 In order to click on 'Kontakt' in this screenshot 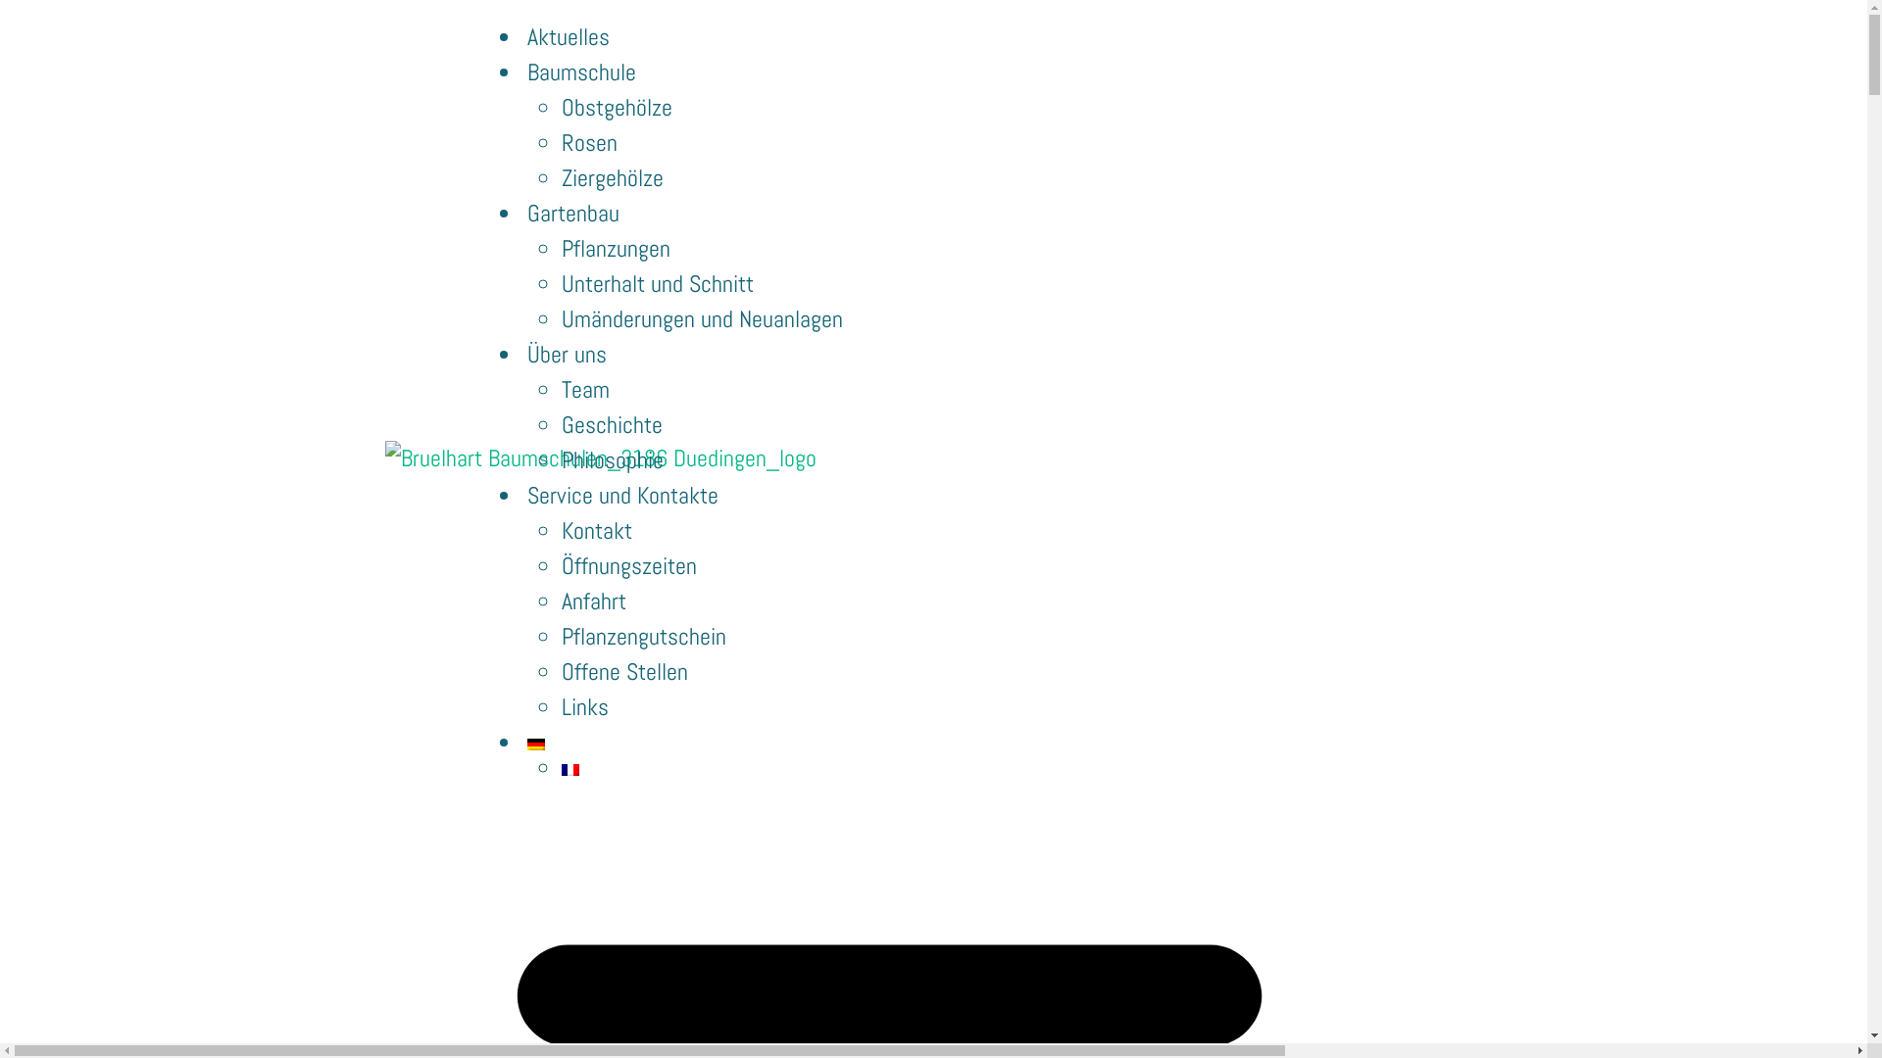, I will do `click(596, 530)`.